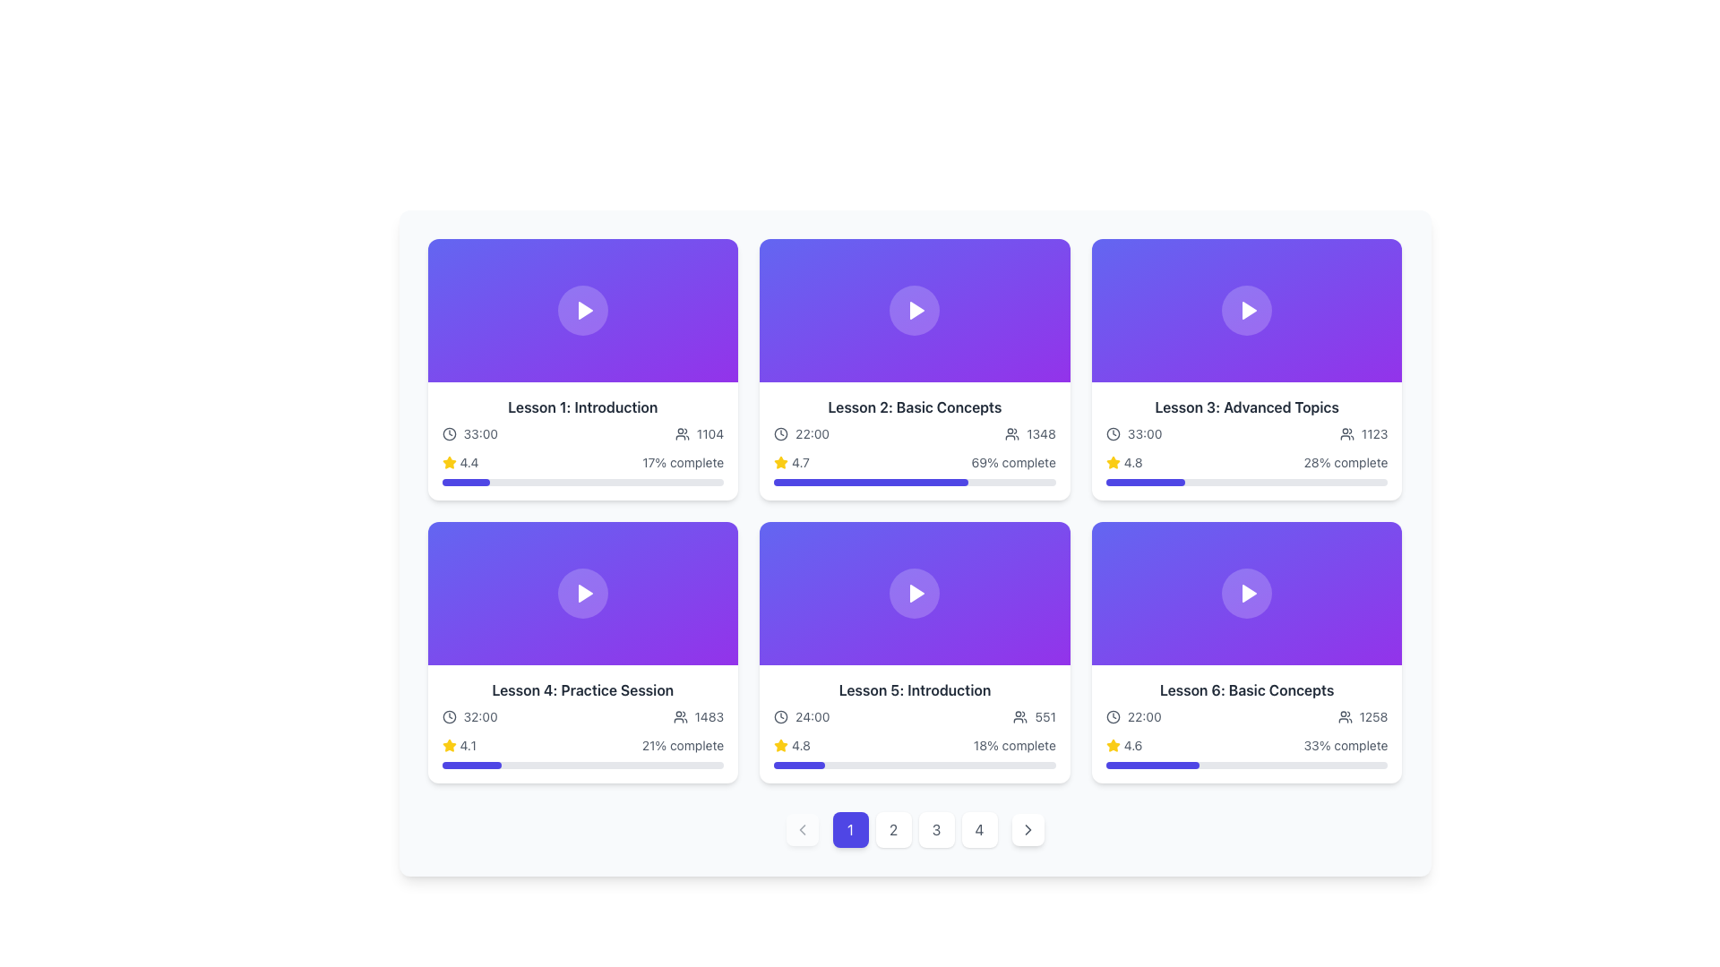 The image size is (1720, 967). Describe the element at coordinates (582, 482) in the screenshot. I see `the progress bar indicating '17% complete' for 'Lesson 1: Introduction', which is styled with a light gray background and an indigo blue progress indicator` at that location.